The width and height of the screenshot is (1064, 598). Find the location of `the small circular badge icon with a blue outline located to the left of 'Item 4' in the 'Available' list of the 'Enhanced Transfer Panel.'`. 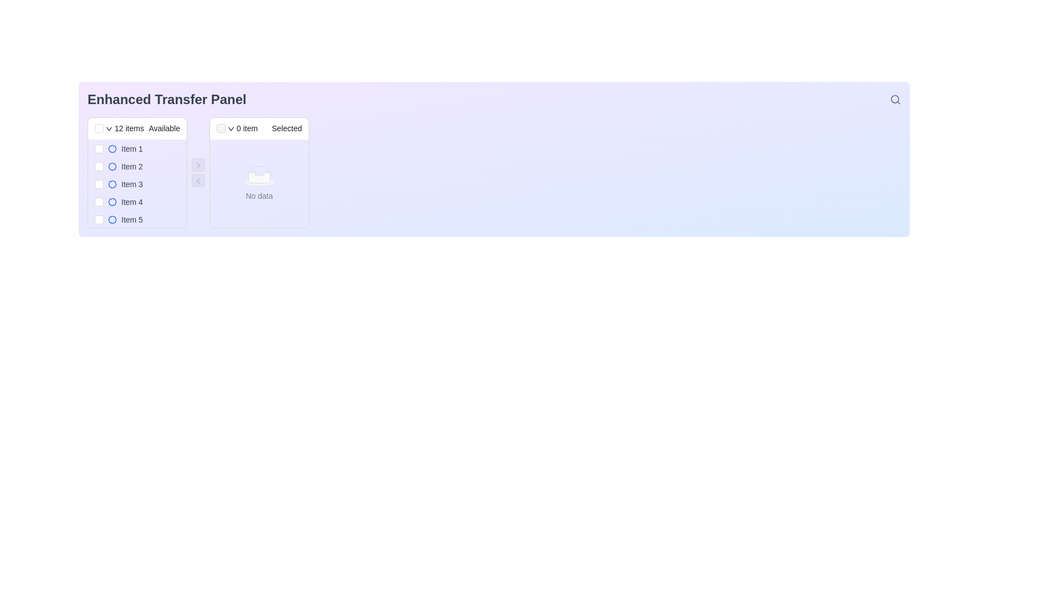

the small circular badge icon with a blue outline located to the left of 'Item 4' in the 'Available' list of the 'Enhanced Transfer Panel.' is located at coordinates (112, 202).